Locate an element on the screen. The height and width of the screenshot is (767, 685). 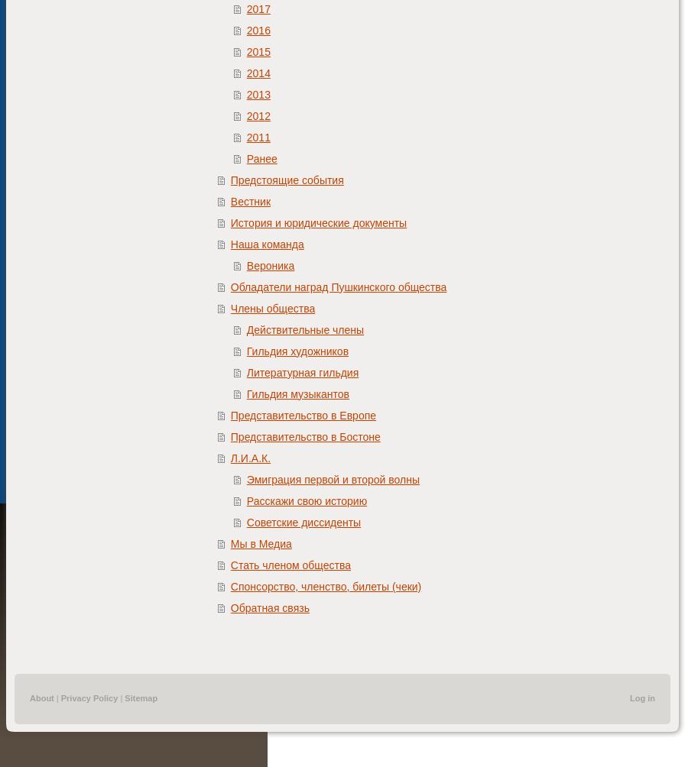
'Log in' is located at coordinates (642, 697).